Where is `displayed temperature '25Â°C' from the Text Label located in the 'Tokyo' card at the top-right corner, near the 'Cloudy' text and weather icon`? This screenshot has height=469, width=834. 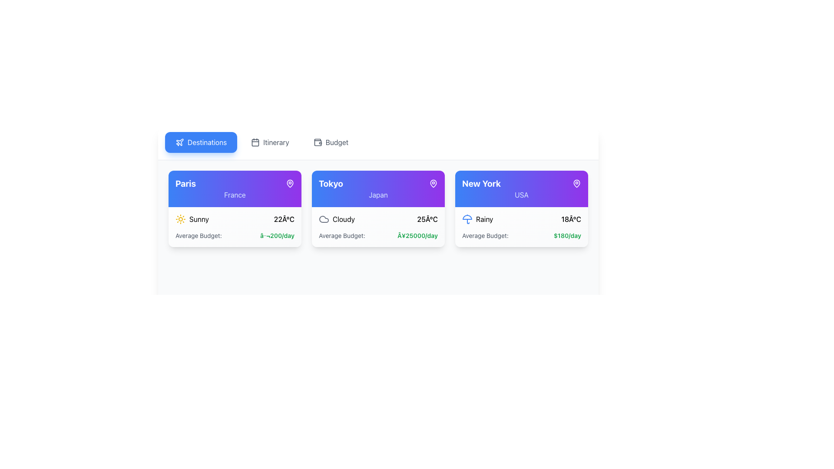 displayed temperature '25Â°C' from the Text Label located in the 'Tokyo' card at the top-right corner, near the 'Cloudy' text and weather icon is located at coordinates (427, 219).